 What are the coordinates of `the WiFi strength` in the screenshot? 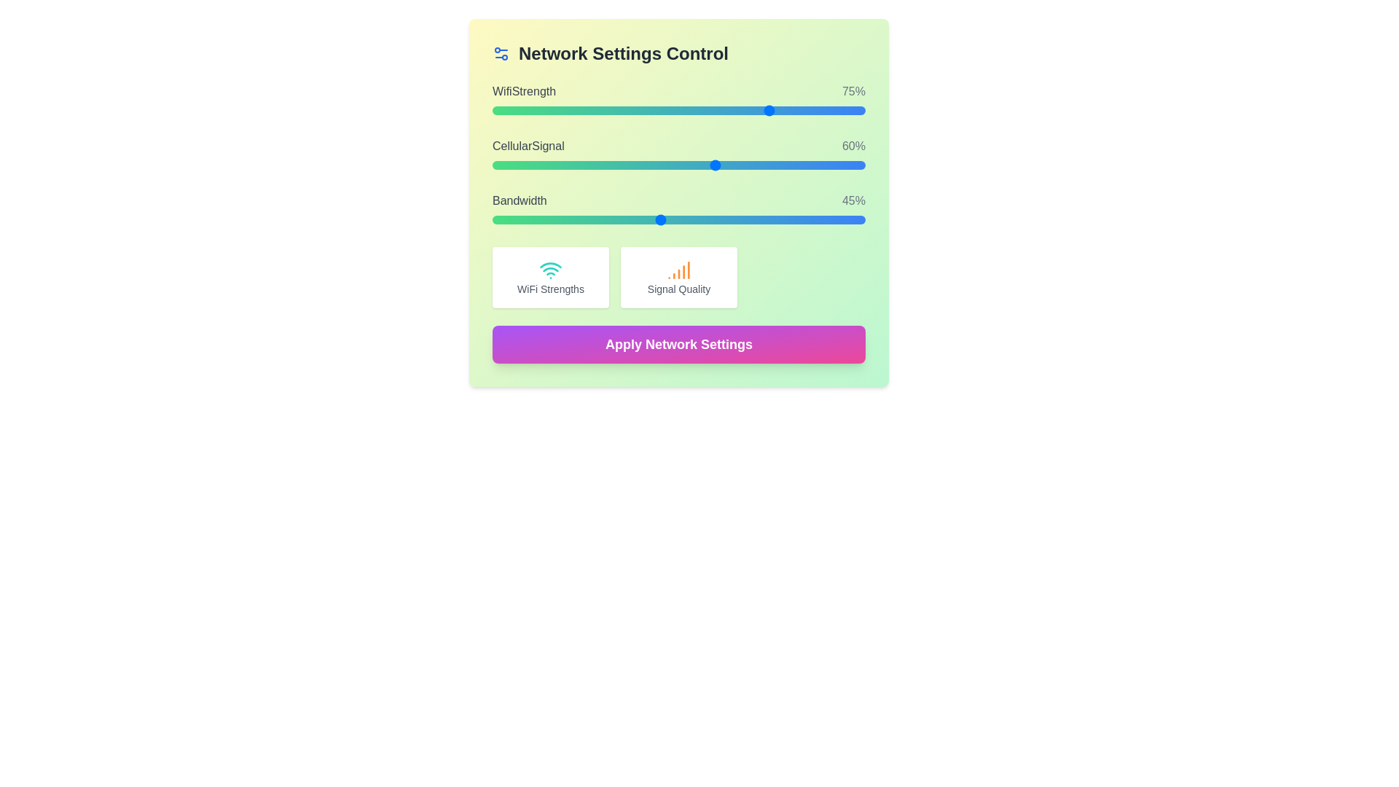 It's located at (705, 109).